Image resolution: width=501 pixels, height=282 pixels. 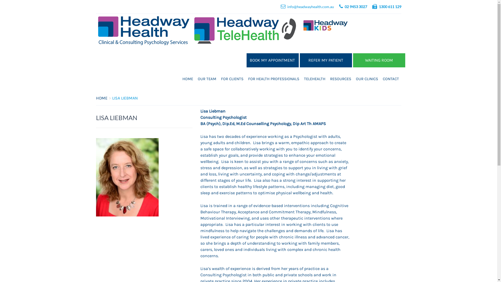 What do you see at coordinates (345, 96) in the screenshot?
I see `'HEADWAYHEALTH FRENCHS FOREST'` at bounding box center [345, 96].